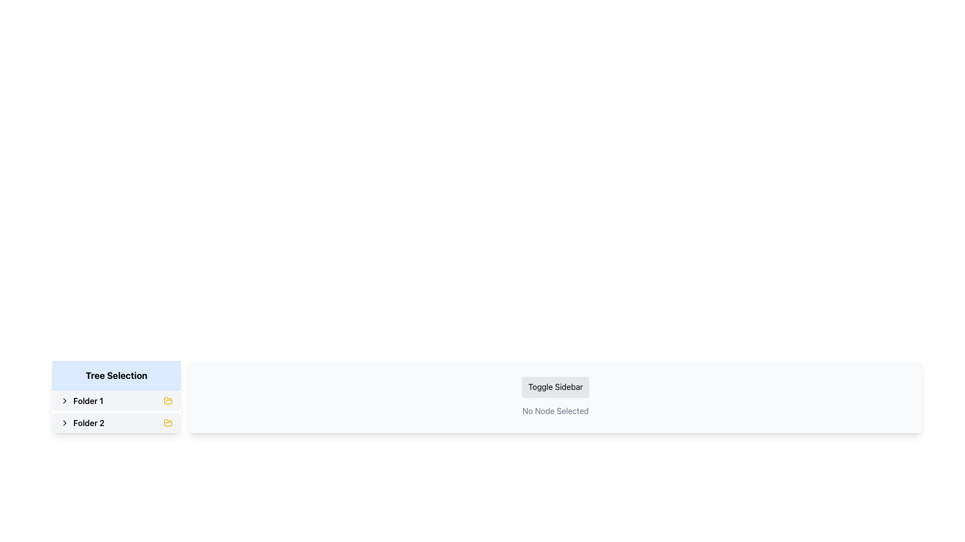  What do you see at coordinates (64, 400) in the screenshot?
I see `the expand/collapse button for 'Folder 1'` at bounding box center [64, 400].